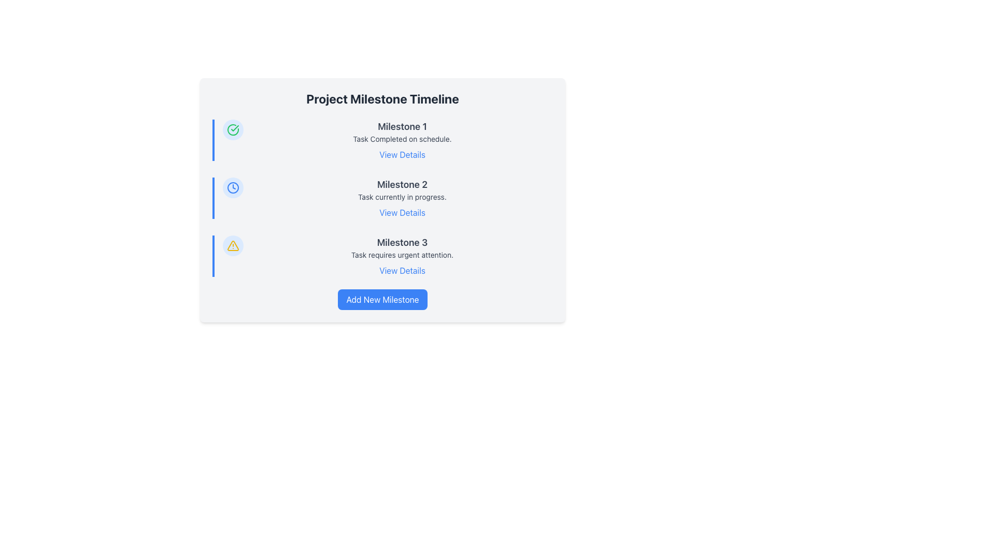 The image size is (995, 559). I want to click on the main title text label that indicates the section pertains to a timeline of project milestones, so click(382, 99).